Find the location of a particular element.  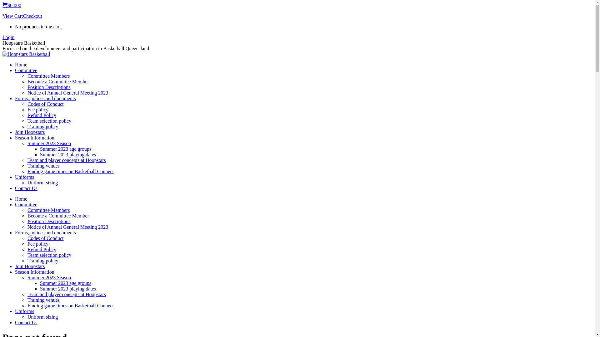

'Uniforms' is located at coordinates (15, 311).